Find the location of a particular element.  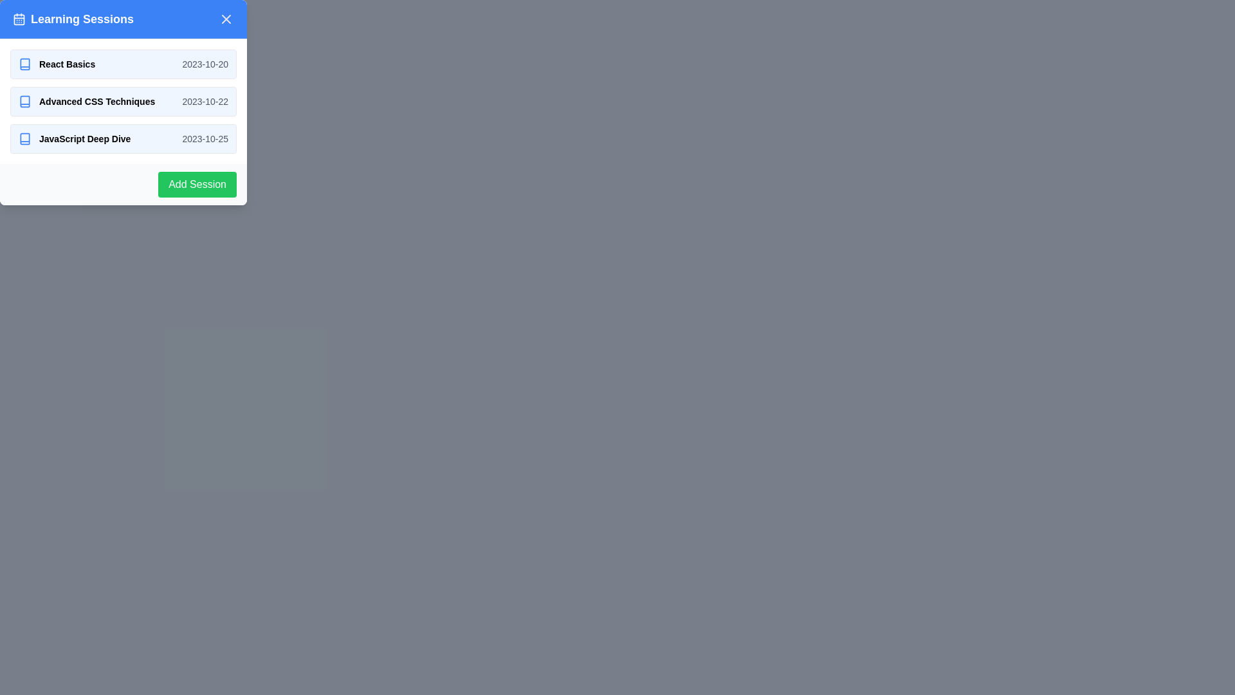

the static text label displaying the scheduled date for the session labeled 'Advanced CSS Techniques', located in the second row of the session list is located at coordinates (205, 101).